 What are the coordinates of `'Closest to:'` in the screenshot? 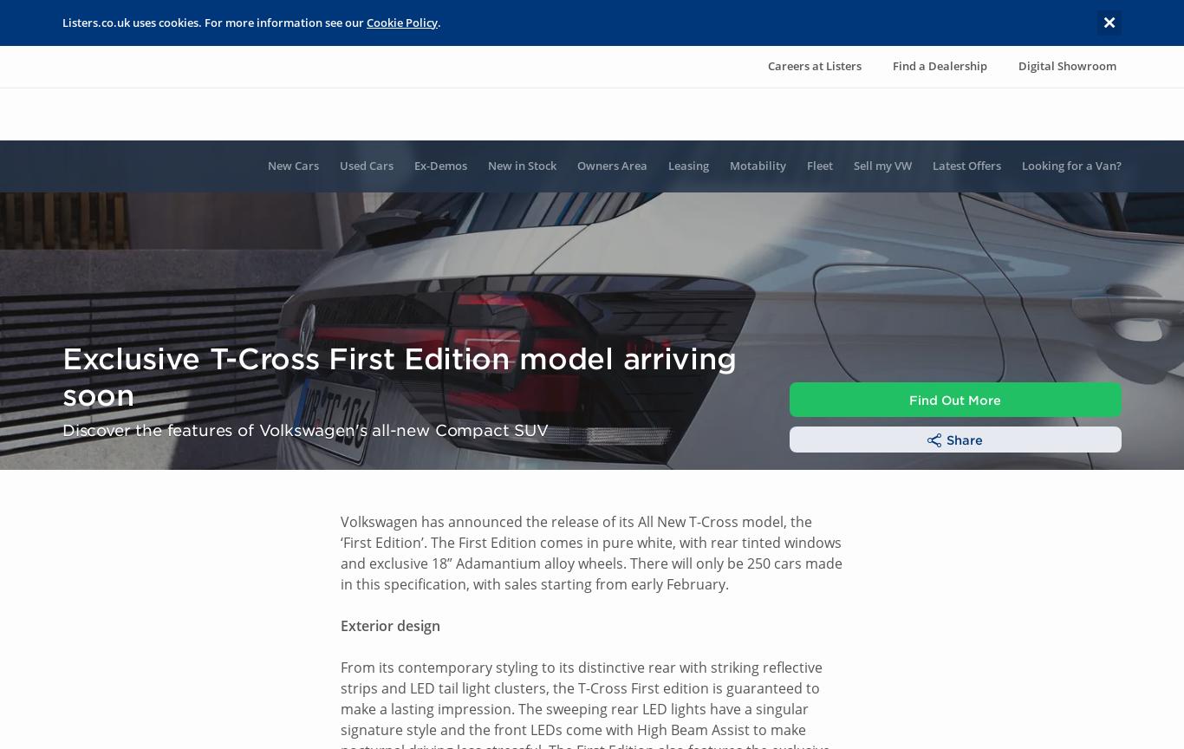 It's located at (827, 506).